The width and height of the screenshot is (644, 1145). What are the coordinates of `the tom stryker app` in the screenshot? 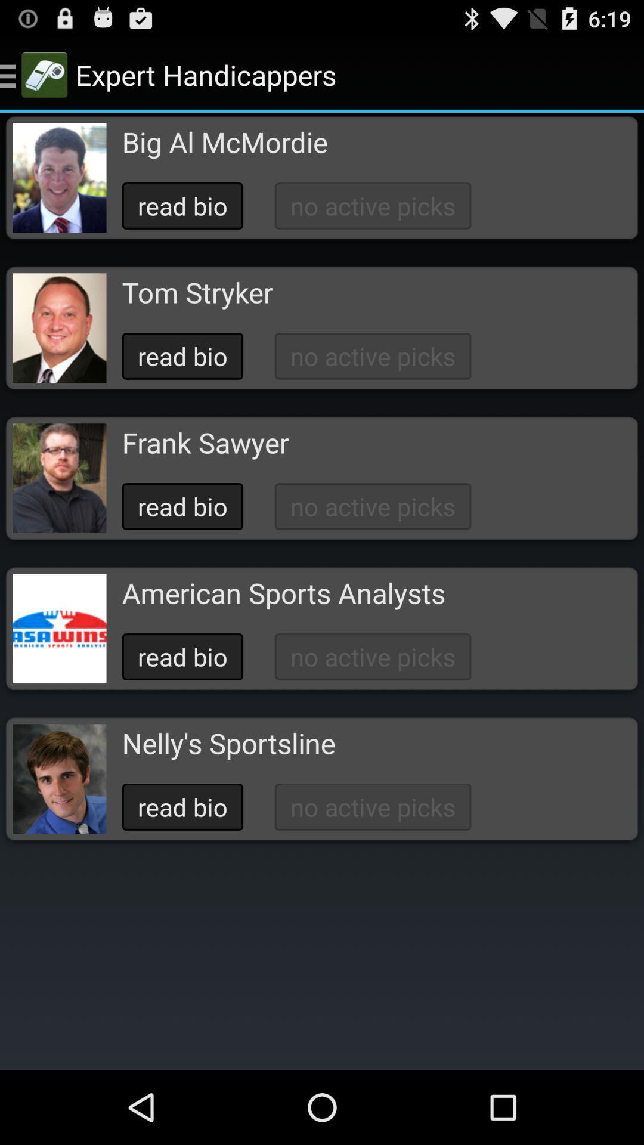 It's located at (197, 292).